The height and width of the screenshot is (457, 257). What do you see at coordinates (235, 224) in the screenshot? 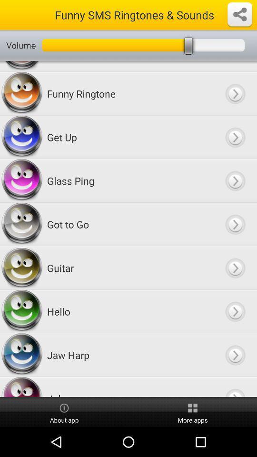
I see `next` at bounding box center [235, 224].